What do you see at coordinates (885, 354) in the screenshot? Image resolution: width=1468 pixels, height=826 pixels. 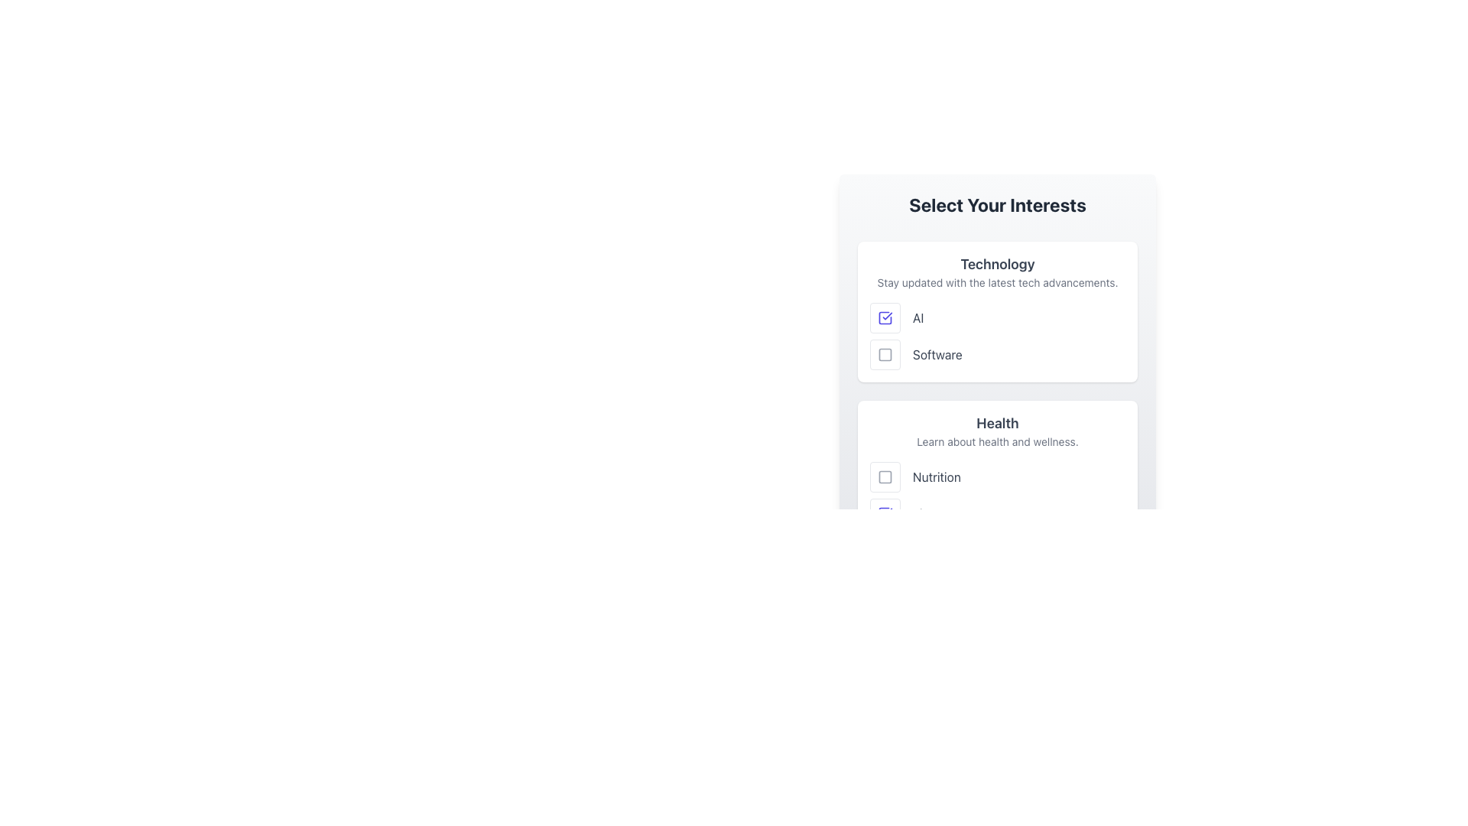 I see `the 'Software' selection checkbox within the 'Technology' category` at bounding box center [885, 354].